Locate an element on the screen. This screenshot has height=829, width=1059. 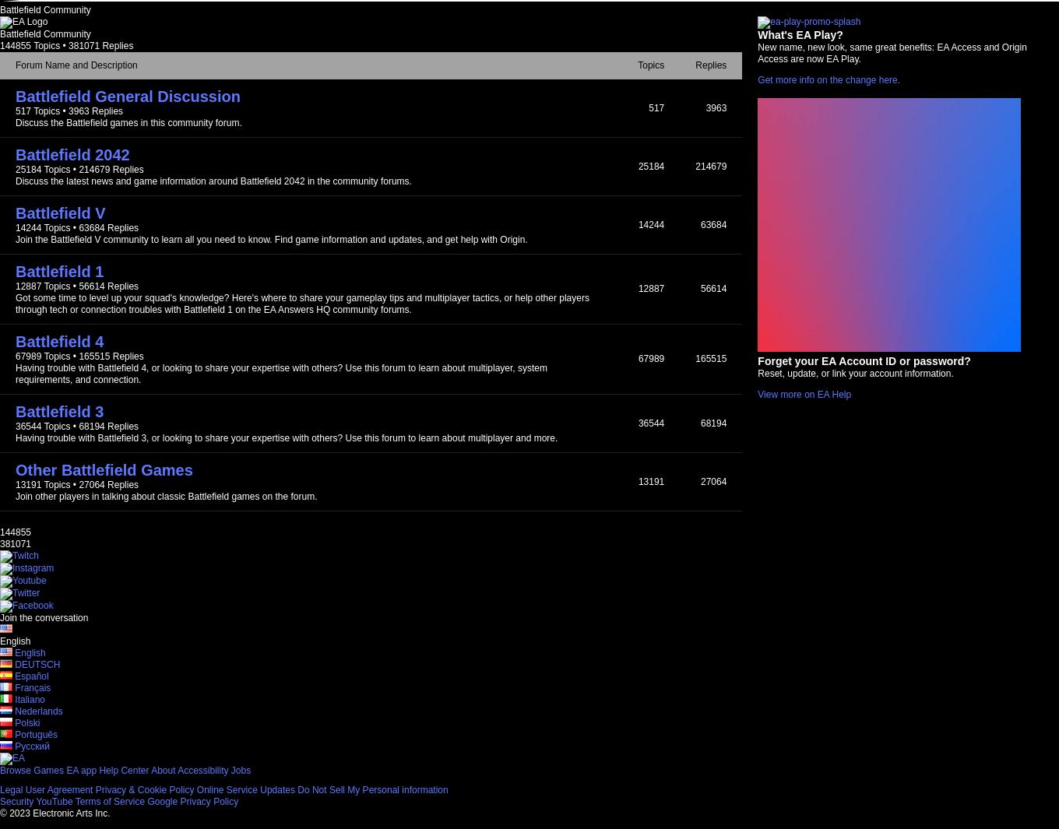
'YouTube Terms of Service' is located at coordinates (90, 801).